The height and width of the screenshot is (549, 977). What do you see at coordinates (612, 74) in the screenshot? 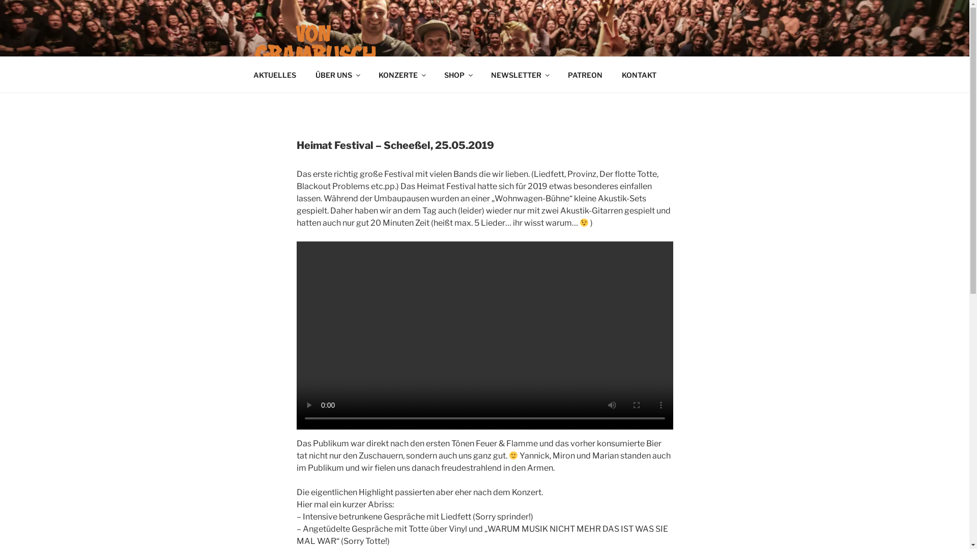
I see `'KONTAKT'` at bounding box center [612, 74].